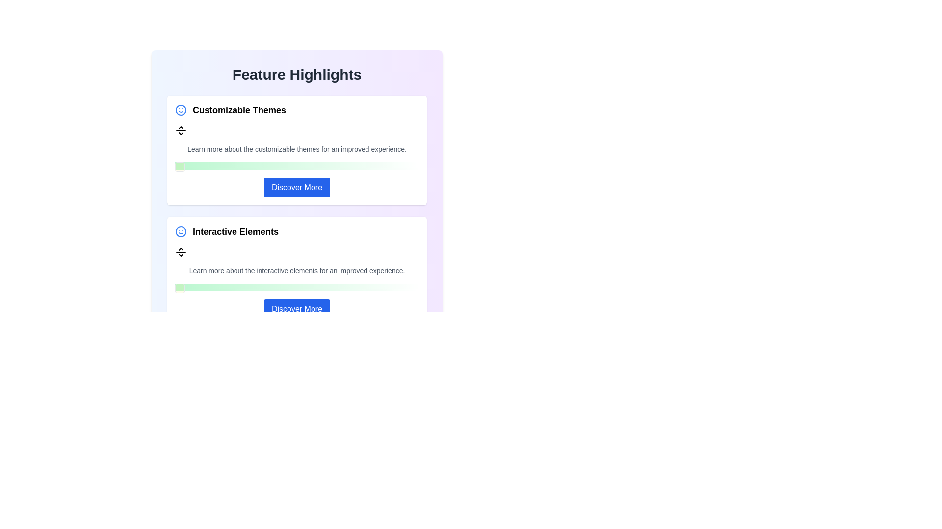  Describe the element at coordinates (181, 110) in the screenshot. I see `the central circular part of the smiley face graphic, which is part of the SVG element in the 'Interactive Elements' section` at that location.